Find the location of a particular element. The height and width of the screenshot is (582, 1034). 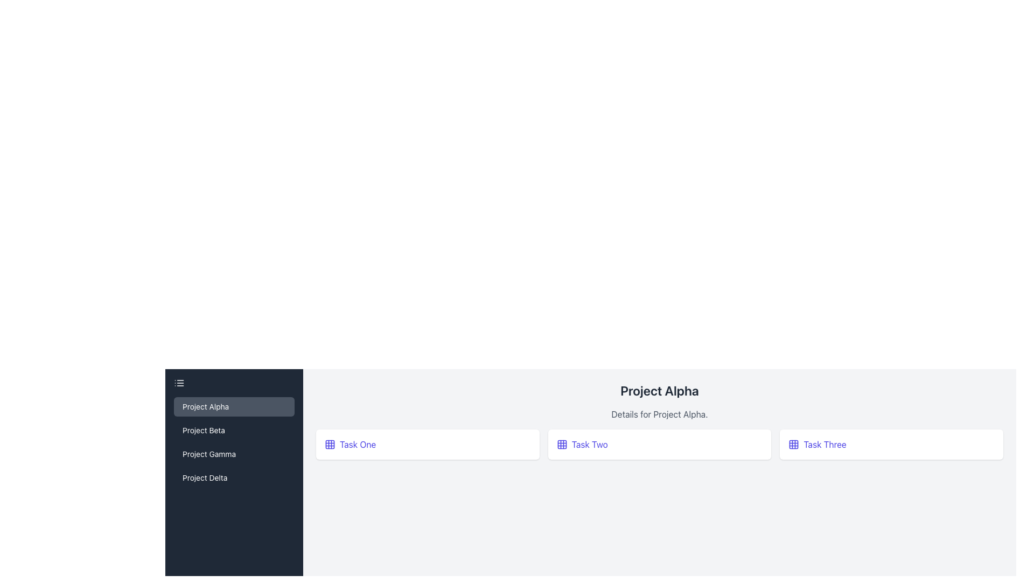

the fourth item in the vertical list of the sidebar is located at coordinates (234, 477).